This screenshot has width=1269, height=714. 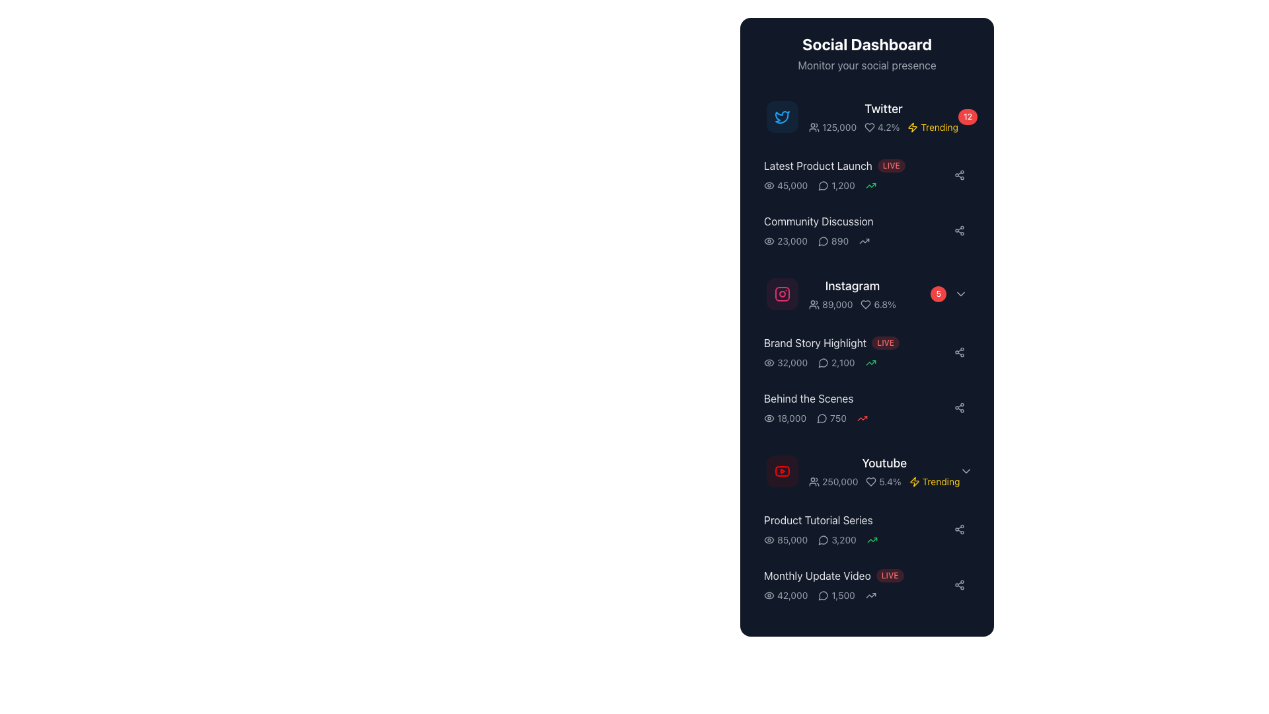 I want to click on the eye icon representing the visibility or view count indicator located to the left of the '42,000' label in the 'Monthly Update Video' section at the bottom of the list, so click(x=769, y=596).